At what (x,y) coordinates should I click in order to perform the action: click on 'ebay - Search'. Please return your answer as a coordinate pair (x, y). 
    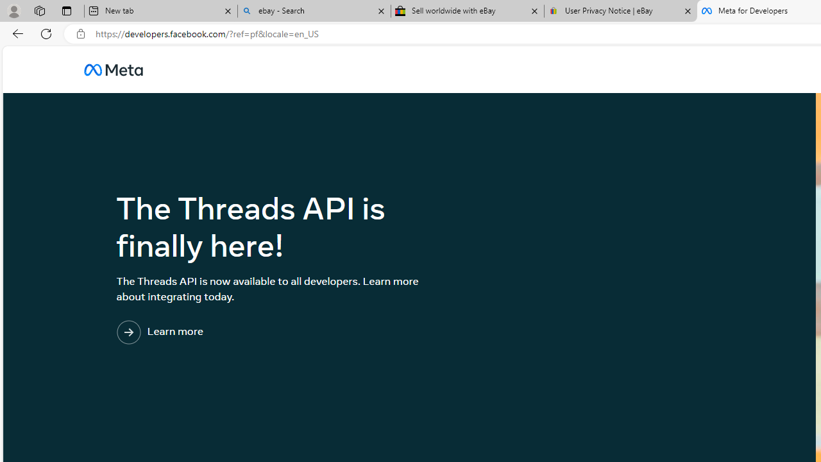
    Looking at the image, I should click on (314, 11).